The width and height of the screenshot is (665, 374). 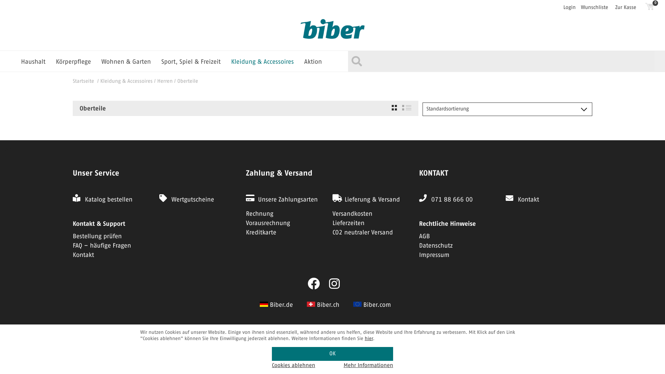 What do you see at coordinates (402, 108) in the screenshot?
I see `'list'` at bounding box center [402, 108].